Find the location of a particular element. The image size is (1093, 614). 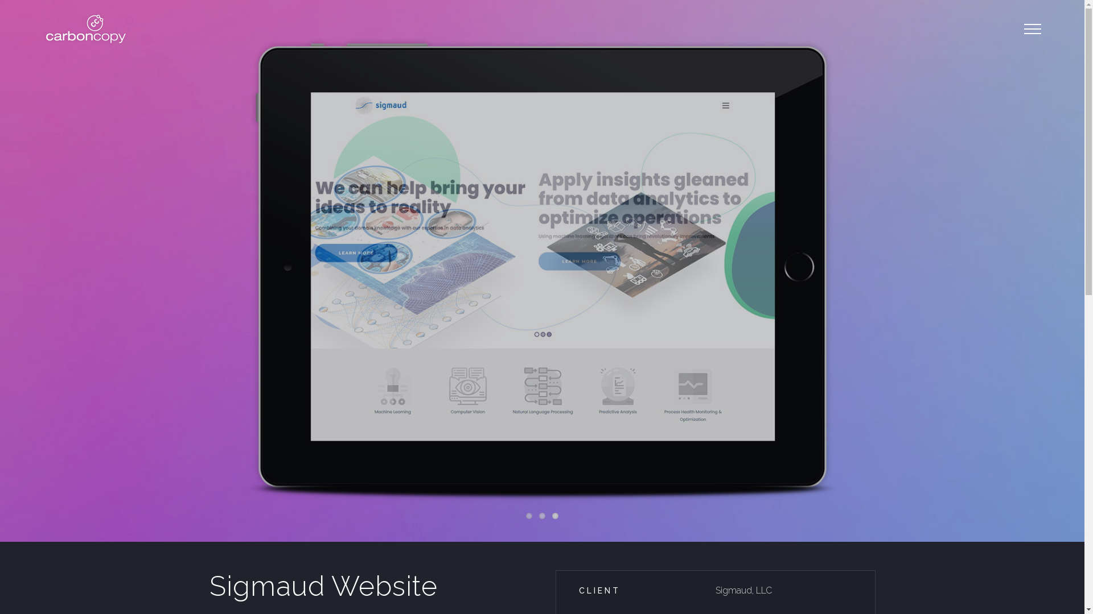

'1' is located at coordinates (528, 516).